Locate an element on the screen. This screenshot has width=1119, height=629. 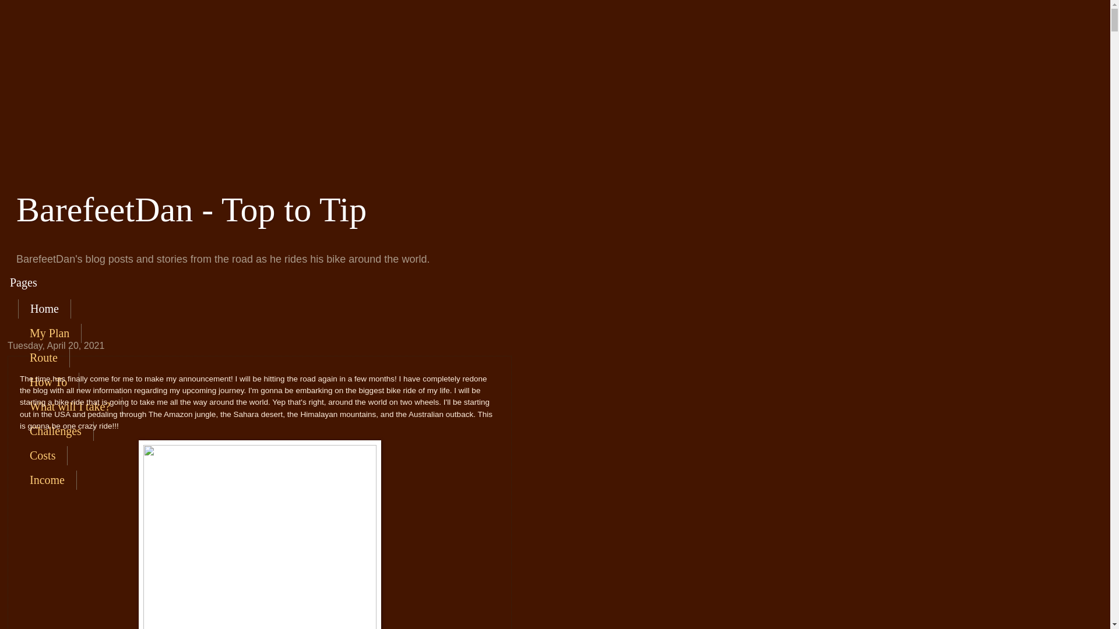
'Income' is located at coordinates (47, 480).